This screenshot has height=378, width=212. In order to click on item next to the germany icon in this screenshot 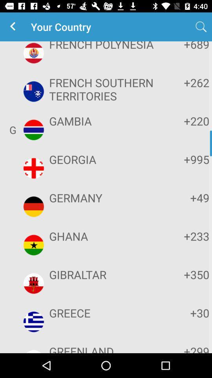, I will do `click(185, 197)`.